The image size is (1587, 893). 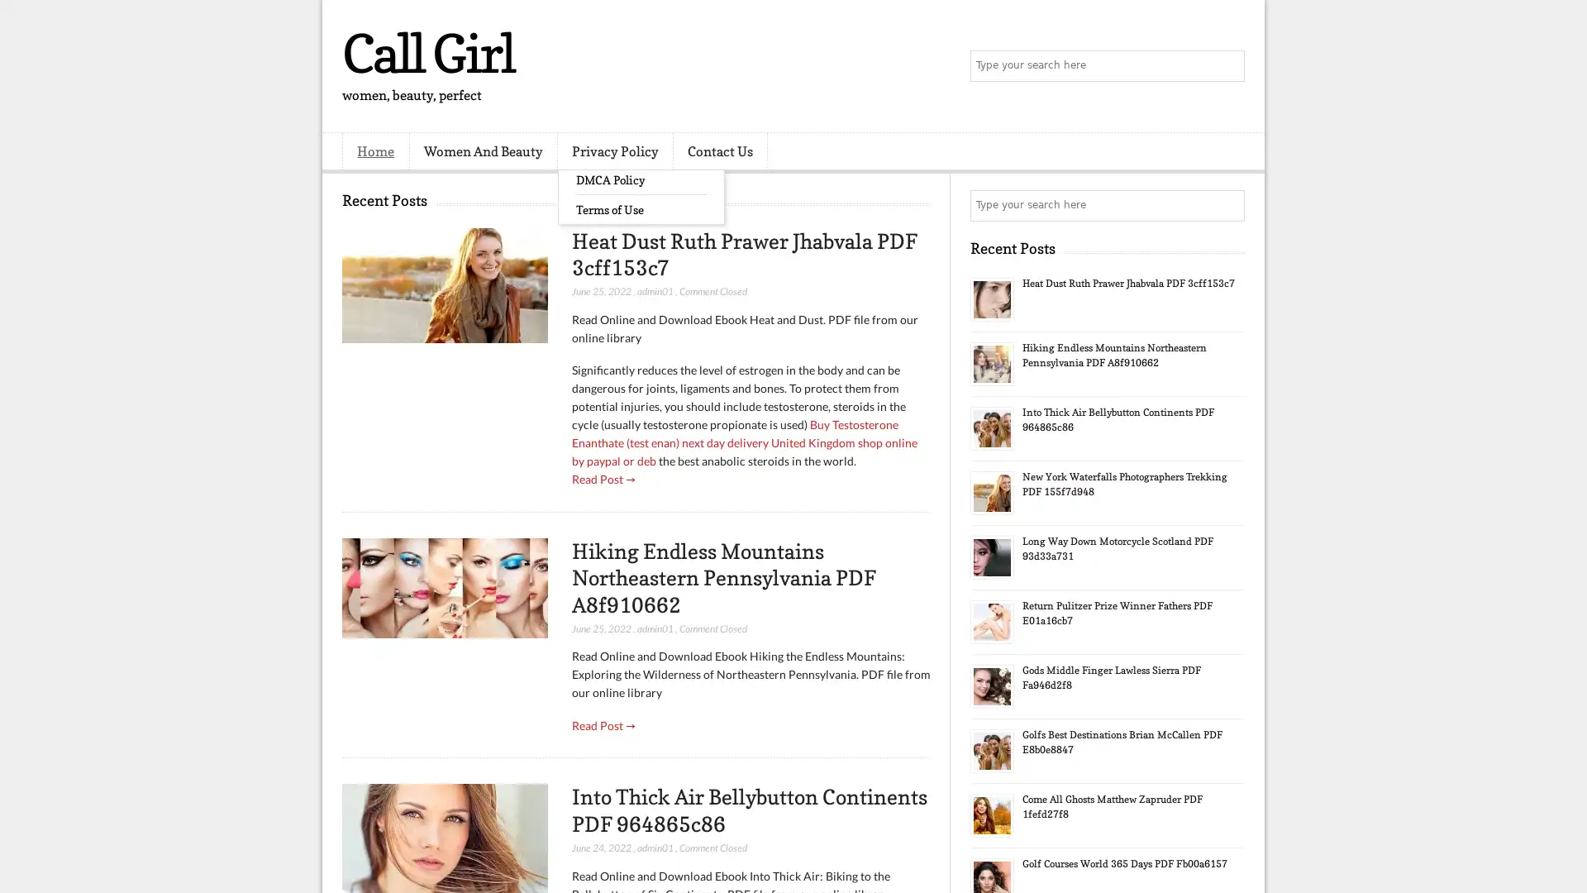 I want to click on Search, so click(x=1227, y=205).